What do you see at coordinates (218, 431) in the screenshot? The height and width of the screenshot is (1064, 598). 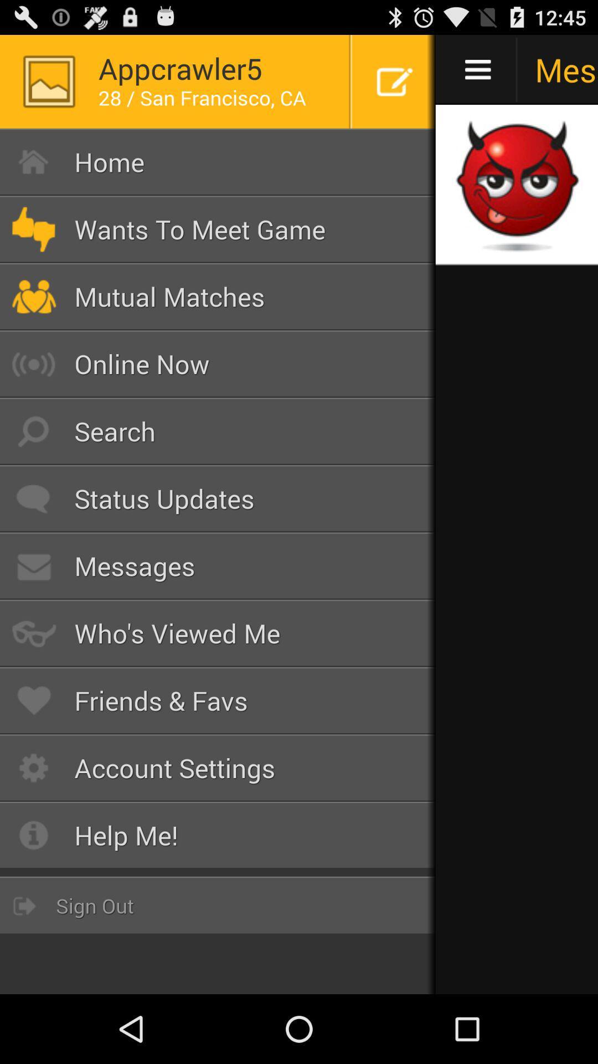 I see `search button` at bounding box center [218, 431].